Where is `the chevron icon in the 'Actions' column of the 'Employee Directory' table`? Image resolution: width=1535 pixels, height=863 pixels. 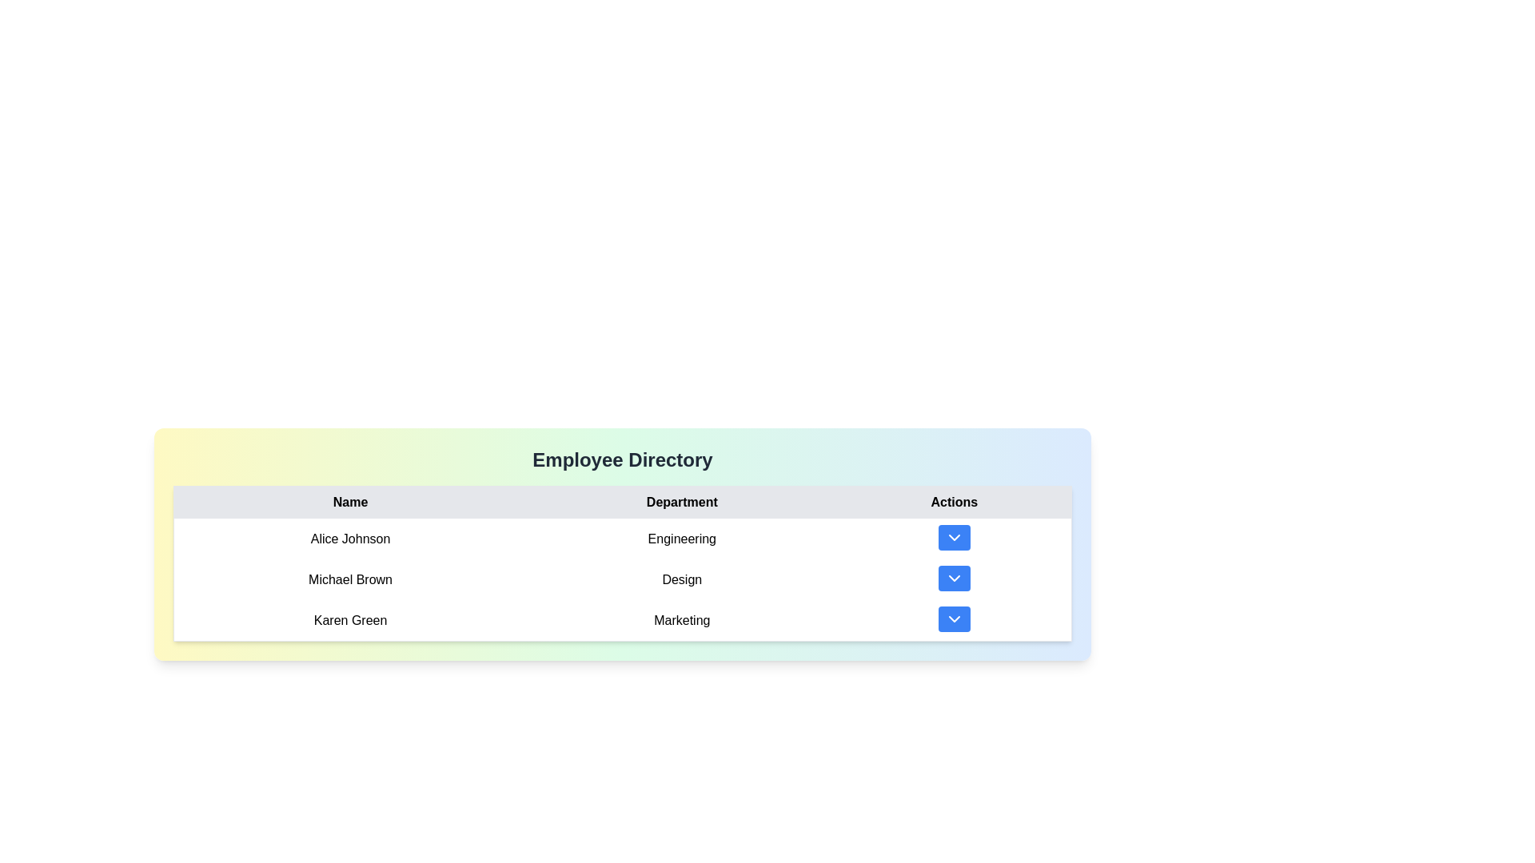 the chevron icon in the 'Actions' column of the 'Employee Directory' table is located at coordinates (954, 579).